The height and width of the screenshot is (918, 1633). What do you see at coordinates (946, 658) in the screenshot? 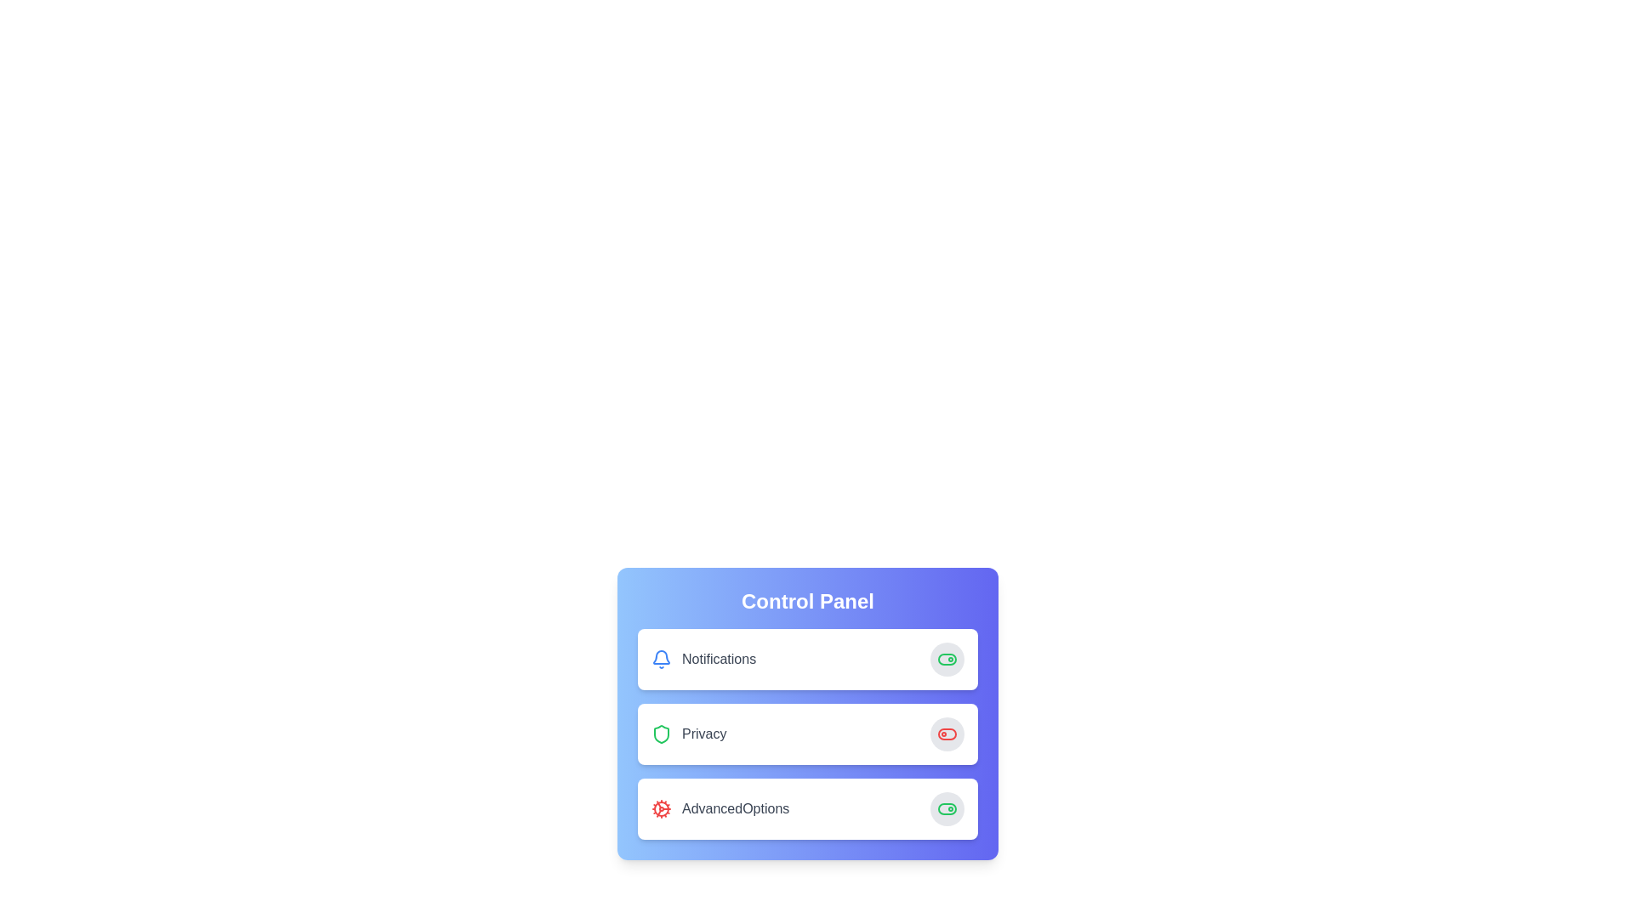
I see `the toggle switch background indicating the 'on' state within the 'AdvancedOptions' row` at bounding box center [946, 658].